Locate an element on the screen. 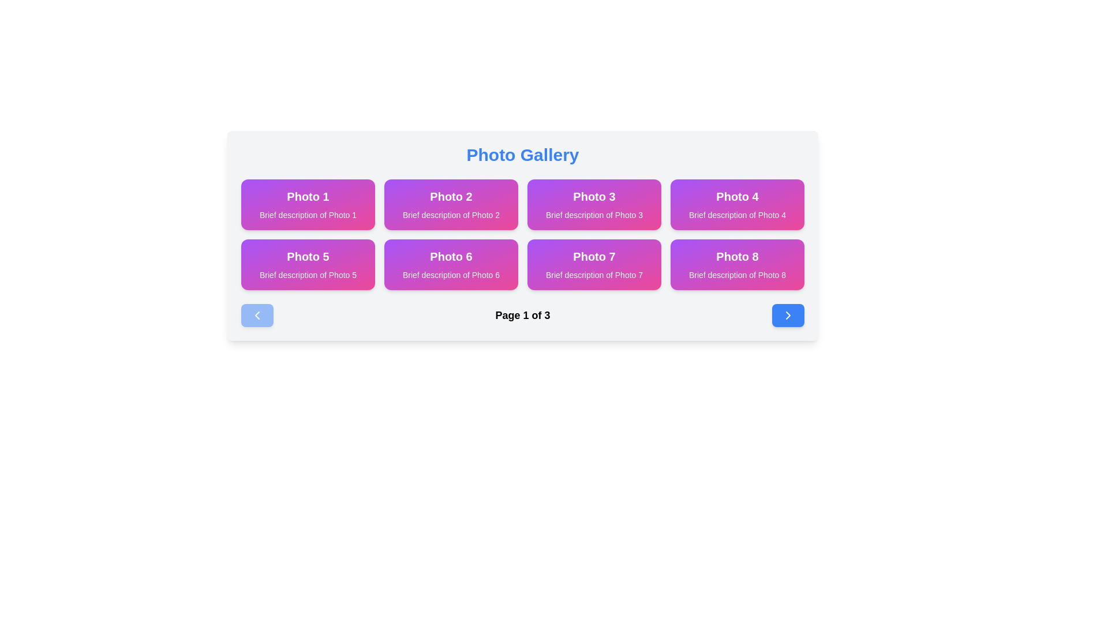 The height and width of the screenshot is (623, 1108). the photo gallery card located in the first row, second column, which provides a title and description for an associated photo or item is located at coordinates (451, 204).